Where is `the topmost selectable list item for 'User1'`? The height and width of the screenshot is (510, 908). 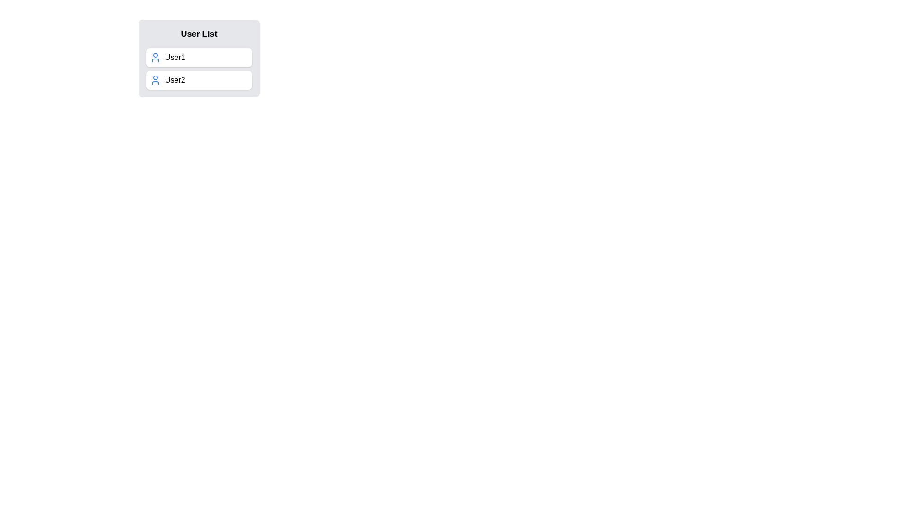 the topmost selectable list item for 'User1' is located at coordinates (199, 58).